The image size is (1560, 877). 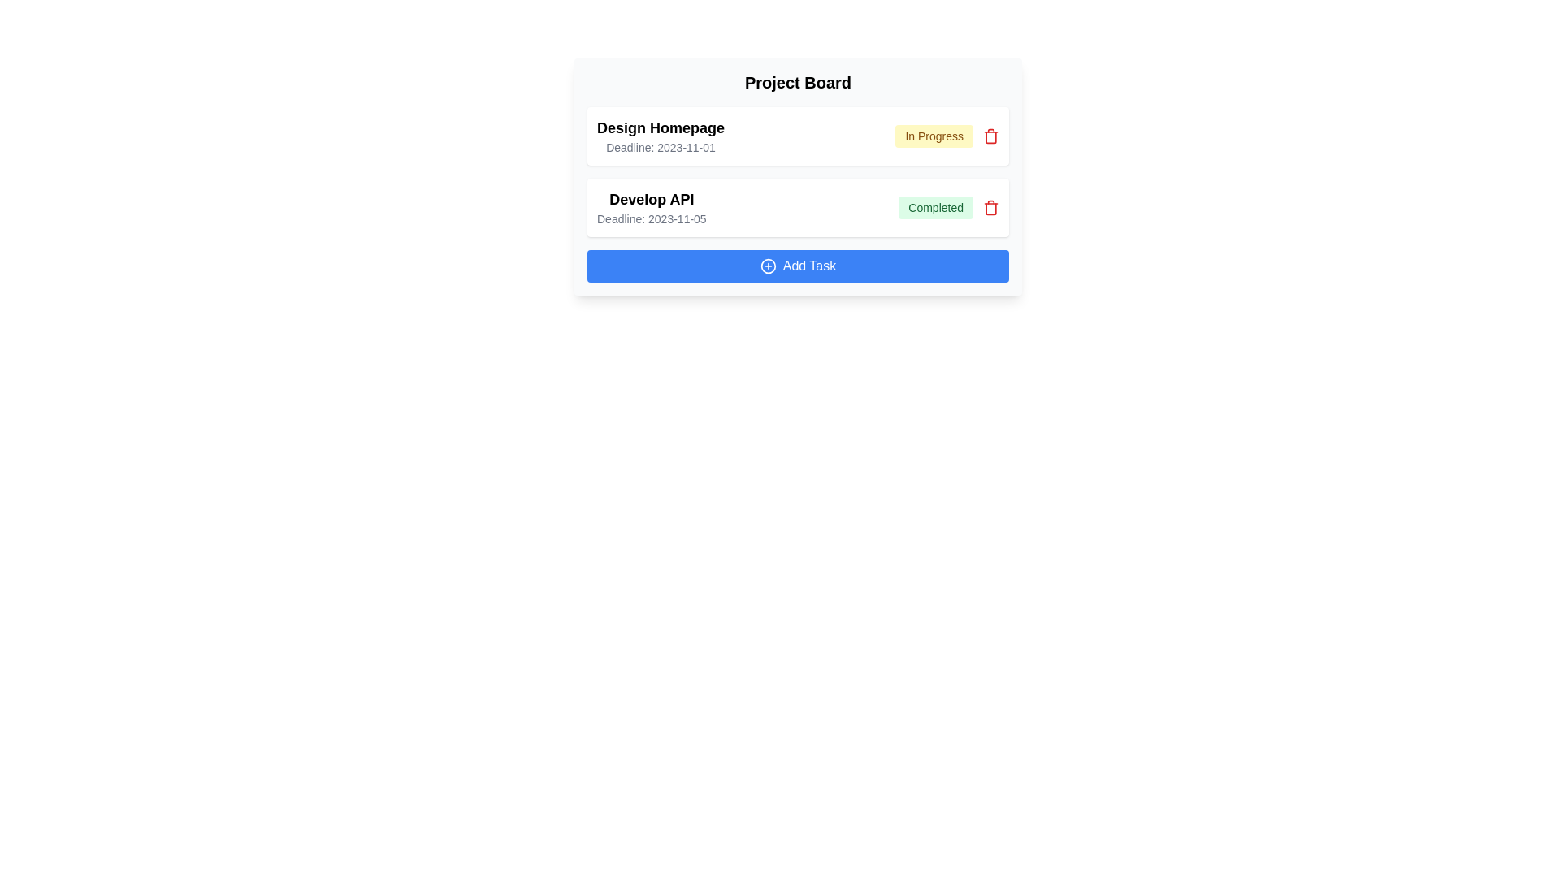 I want to click on 'Add Task' button to add a new task to the list, so click(x=798, y=265).